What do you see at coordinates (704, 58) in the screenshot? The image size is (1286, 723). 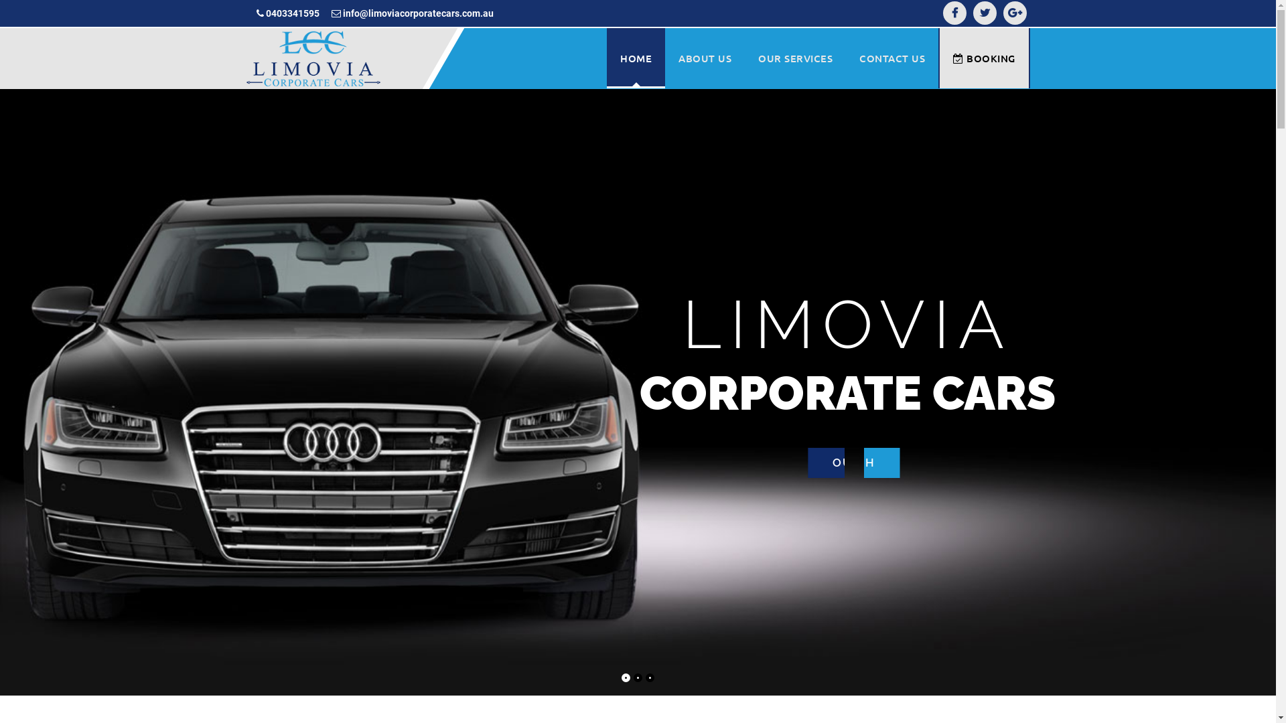 I see `'ABOUT US'` at bounding box center [704, 58].